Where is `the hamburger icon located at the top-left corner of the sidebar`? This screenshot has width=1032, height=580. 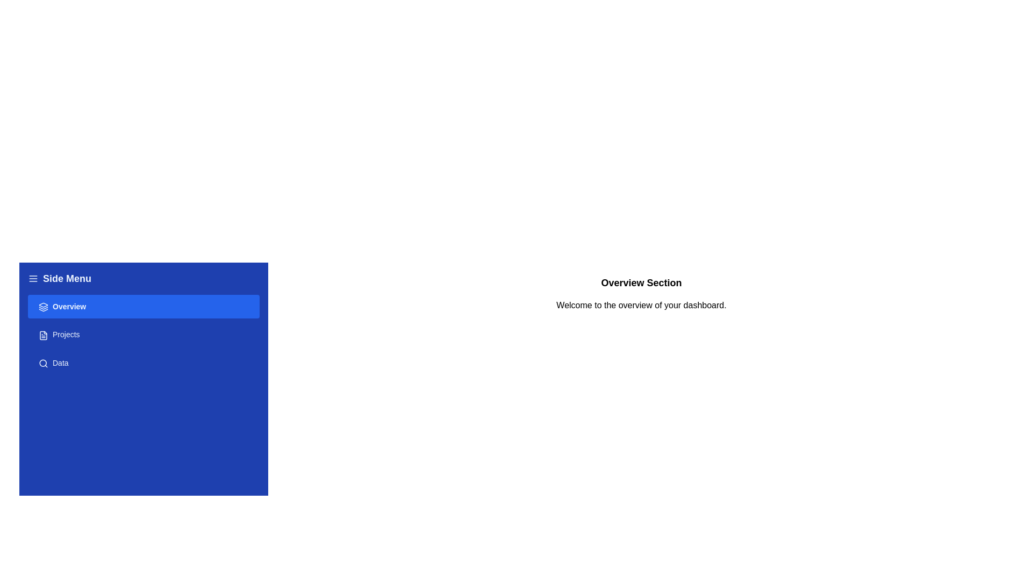 the hamburger icon located at the top-left corner of the sidebar is located at coordinates (33, 278).